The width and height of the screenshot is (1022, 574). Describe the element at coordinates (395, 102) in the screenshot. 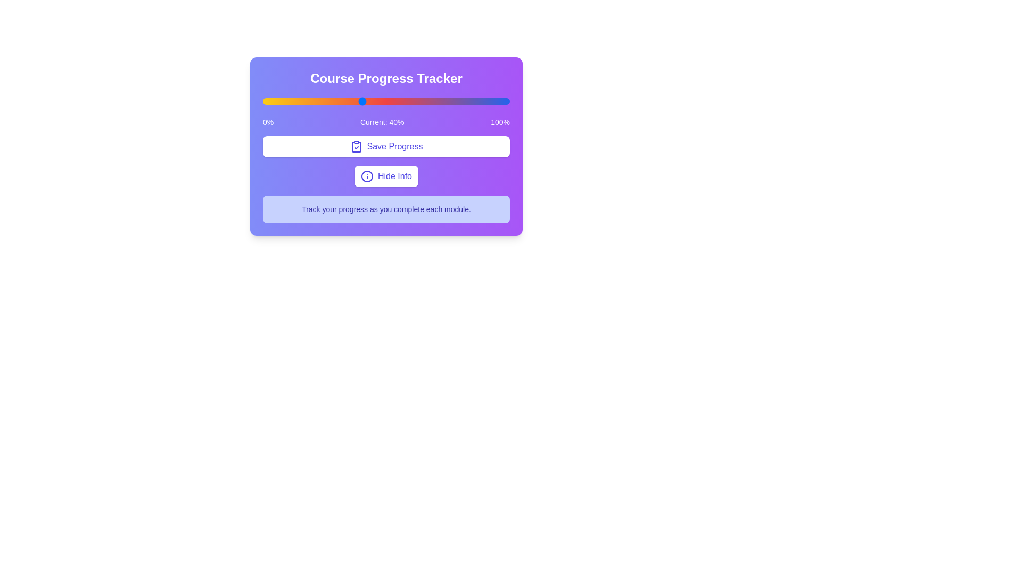

I see `the course progress` at that location.